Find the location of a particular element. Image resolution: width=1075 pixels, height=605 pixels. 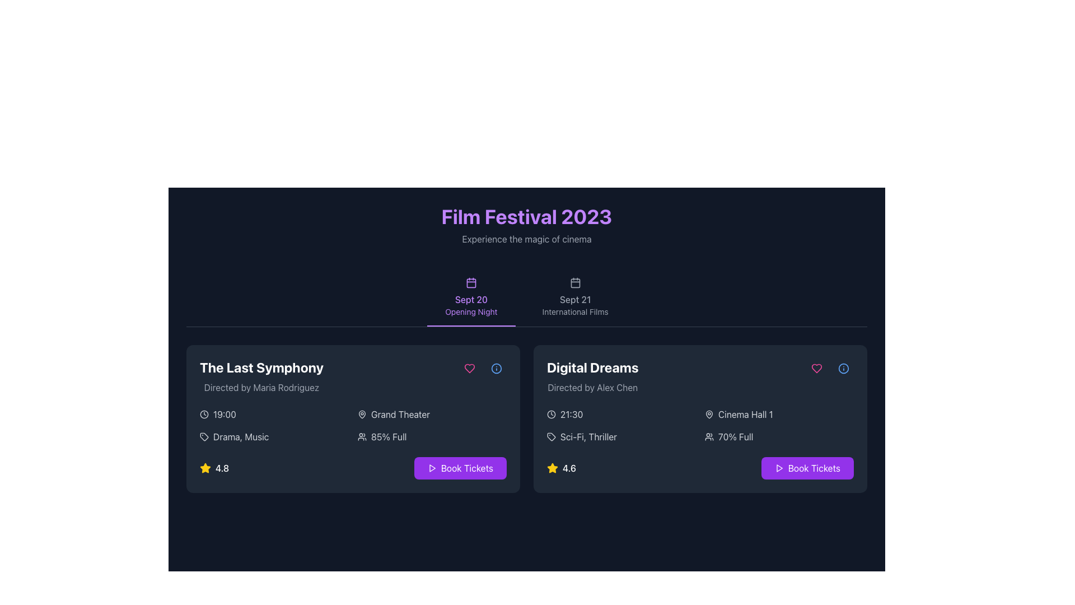

the 'Book Tickets' button, which is a purple button with rounded corners and a white play icon, located at the bottom-right corner of the 'Digital Dreams' card is located at coordinates (807, 468).